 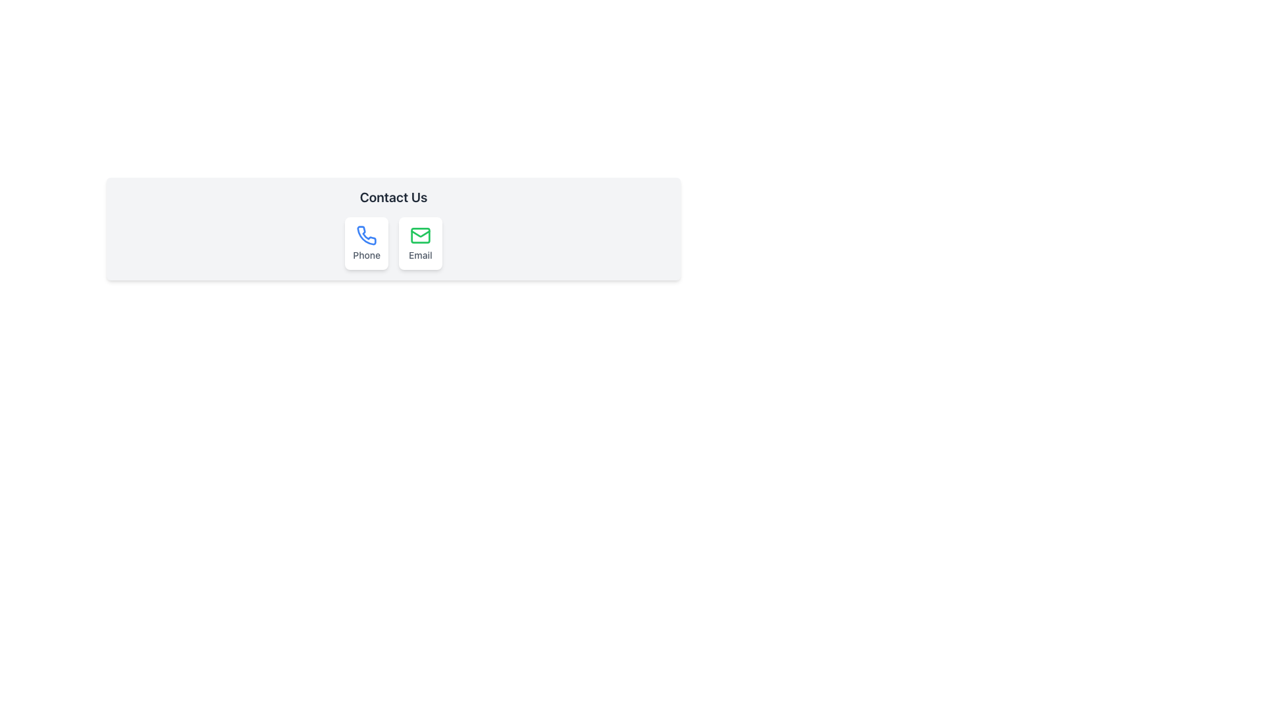 What do you see at coordinates (367, 244) in the screenshot?
I see `the blue phone icon at the top of the Informational Card under the 'Contact Us' heading` at bounding box center [367, 244].